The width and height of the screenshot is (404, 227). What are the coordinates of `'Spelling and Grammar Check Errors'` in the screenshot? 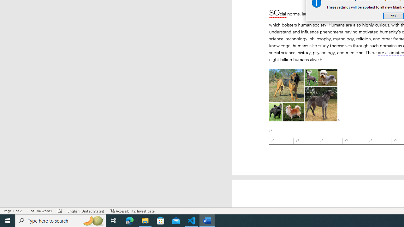 It's located at (60, 211).